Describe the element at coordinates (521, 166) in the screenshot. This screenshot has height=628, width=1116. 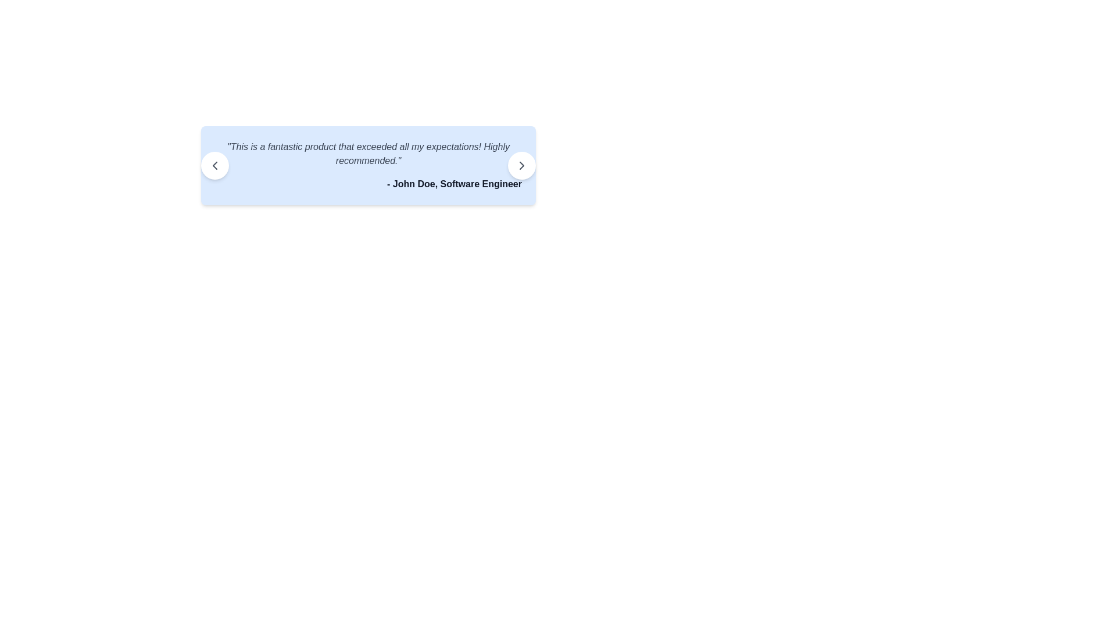
I see `the second circular button with a white background and a right-pointing chevron icon` at that location.